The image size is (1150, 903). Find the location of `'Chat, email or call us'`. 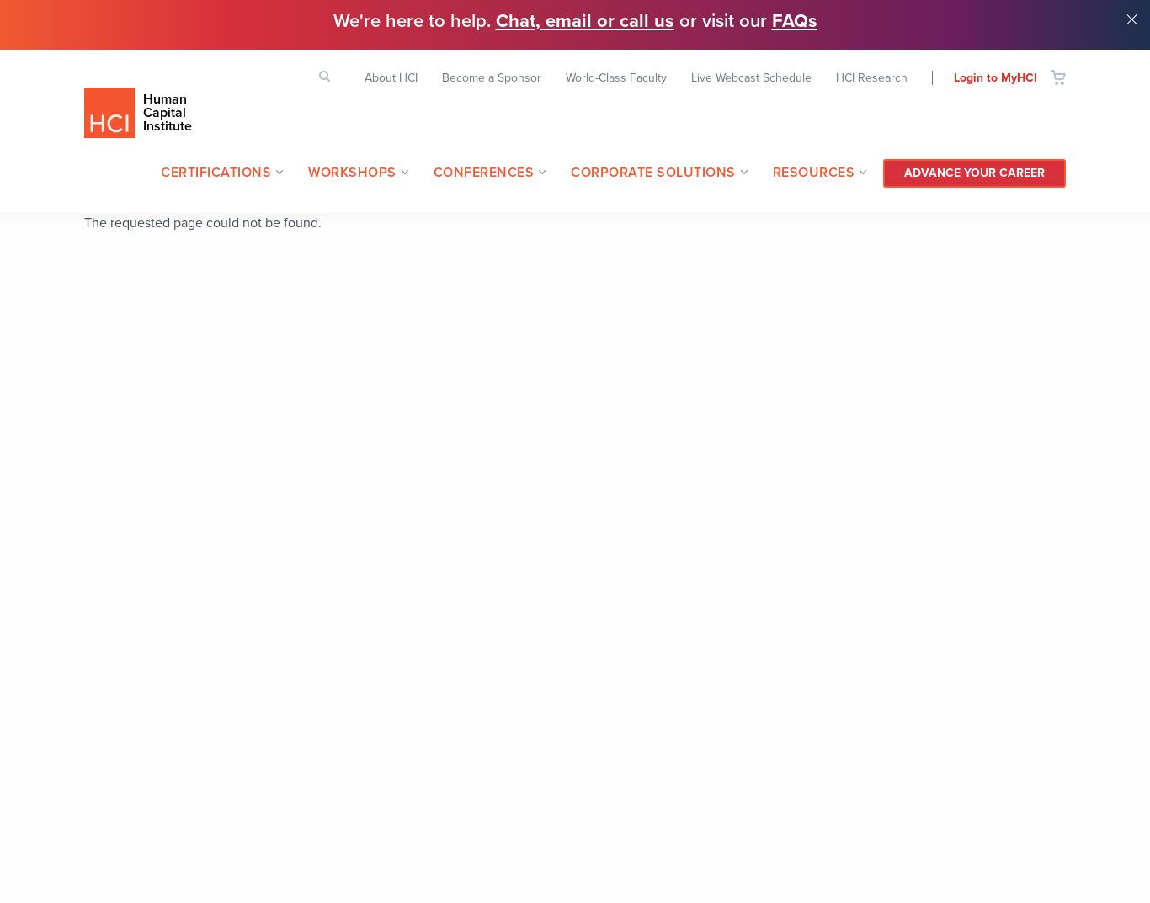

'Chat, email or call us' is located at coordinates (584, 20).